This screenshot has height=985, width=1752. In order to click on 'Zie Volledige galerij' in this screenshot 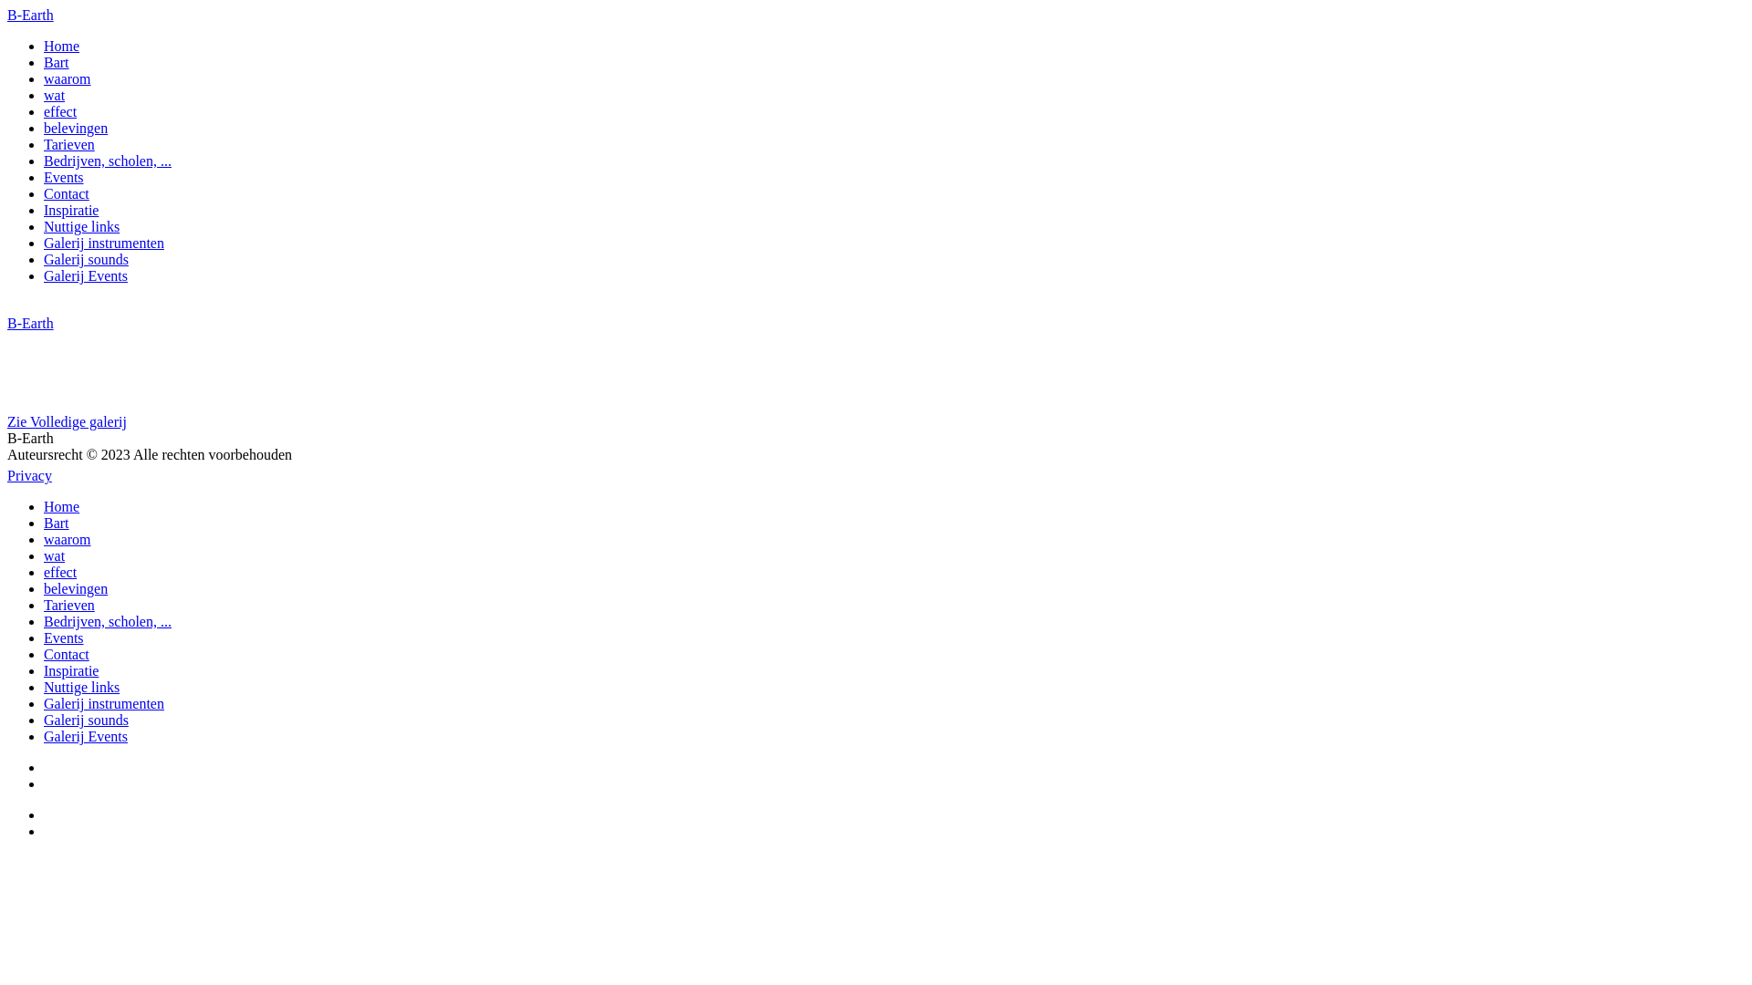, I will do `click(7, 421)`.